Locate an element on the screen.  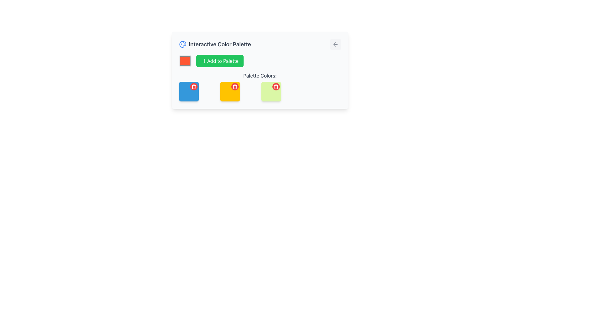
the color area of the fourth color swatch with a light green background in the 'Palette Colors' section is located at coordinates (271, 92).